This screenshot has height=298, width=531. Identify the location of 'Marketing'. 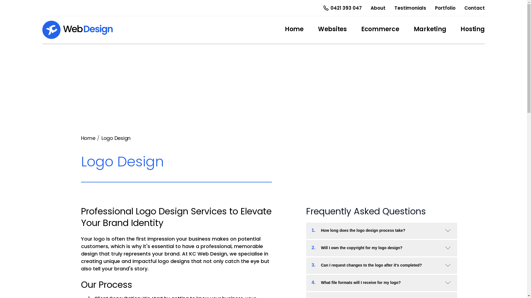
(430, 30).